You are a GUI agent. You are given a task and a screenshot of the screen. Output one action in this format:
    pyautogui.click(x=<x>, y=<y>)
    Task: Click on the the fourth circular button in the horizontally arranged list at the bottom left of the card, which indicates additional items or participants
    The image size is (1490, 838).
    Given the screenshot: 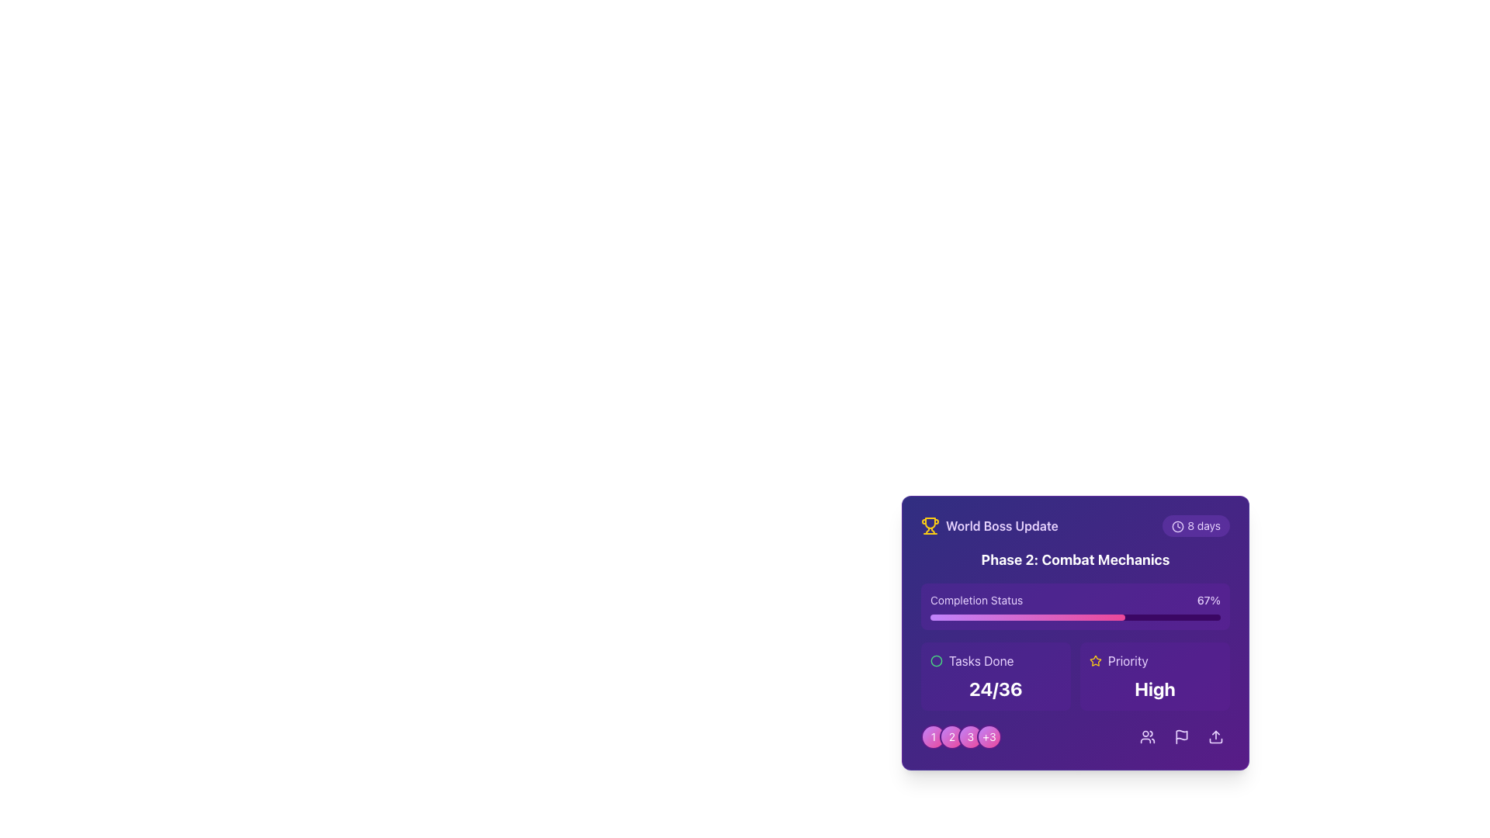 What is the action you would take?
    pyautogui.click(x=989, y=736)
    